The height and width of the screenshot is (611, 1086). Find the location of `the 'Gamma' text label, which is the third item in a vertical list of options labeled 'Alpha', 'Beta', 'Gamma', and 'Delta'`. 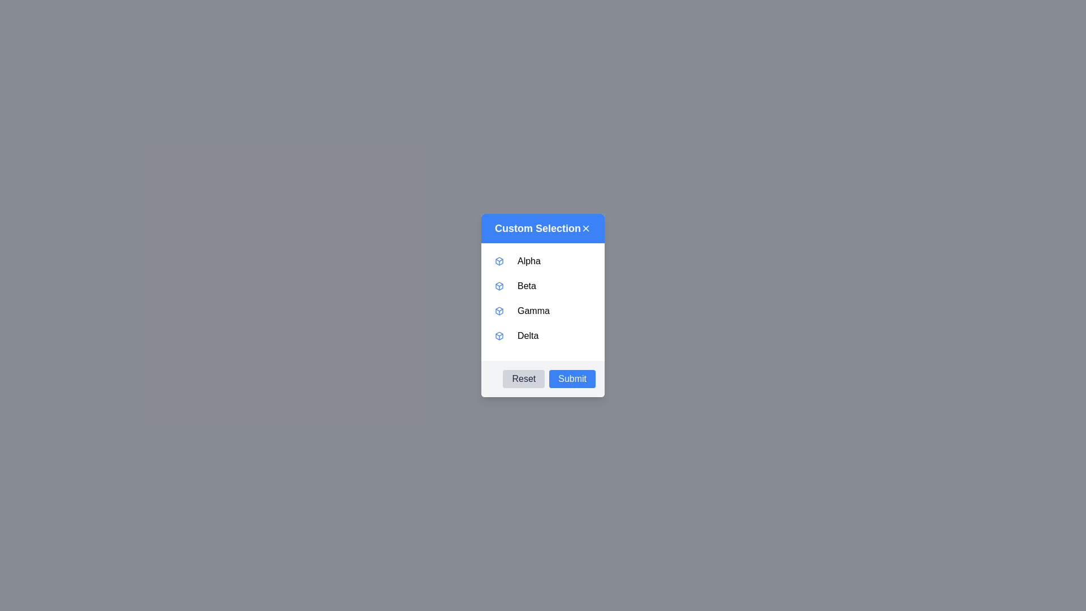

the 'Gamma' text label, which is the third item in a vertical list of options labeled 'Alpha', 'Beta', 'Gamma', and 'Delta' is located at coordinates (533, 311).